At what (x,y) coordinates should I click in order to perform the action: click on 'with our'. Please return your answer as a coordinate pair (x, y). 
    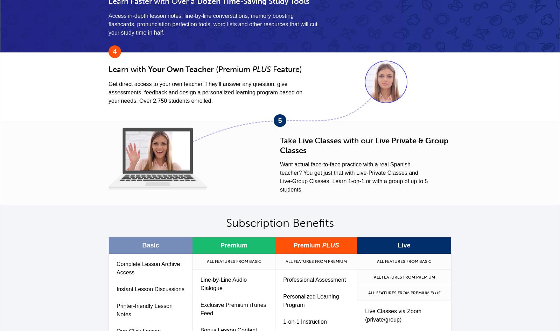
    Looking at the image, I should click on (358, 141).